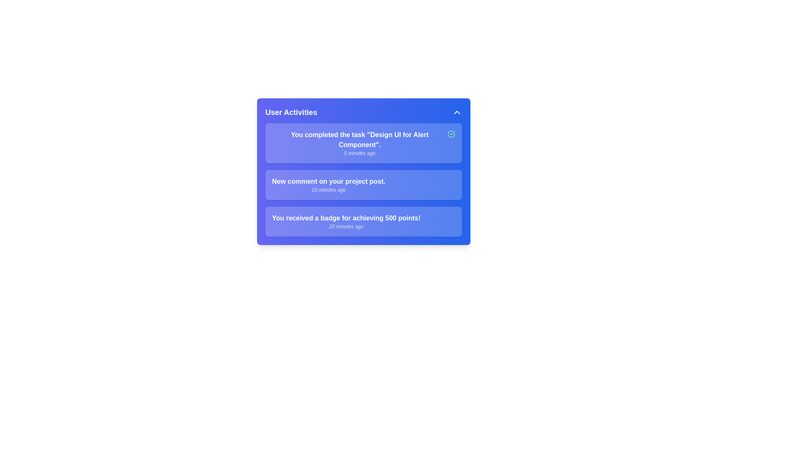  Describe the element at coordinates (364, 184) in the screenshot. I see `notification with the main text 'New comment on your project post.' displayed in bold on the semi-transparent white card within the 'User Activities' list` at that location.